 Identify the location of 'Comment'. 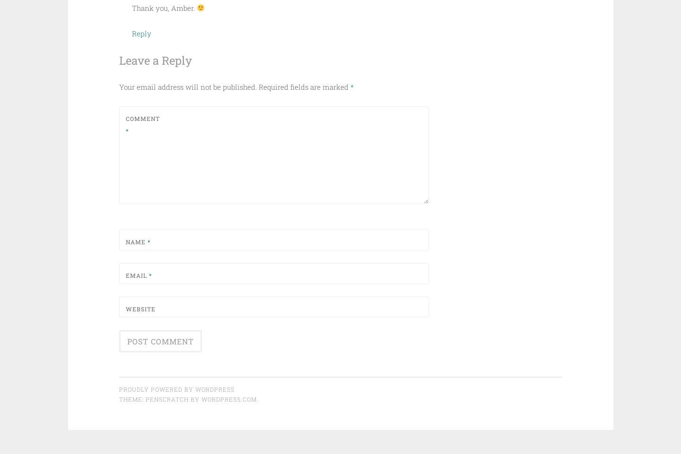
(141, 118).